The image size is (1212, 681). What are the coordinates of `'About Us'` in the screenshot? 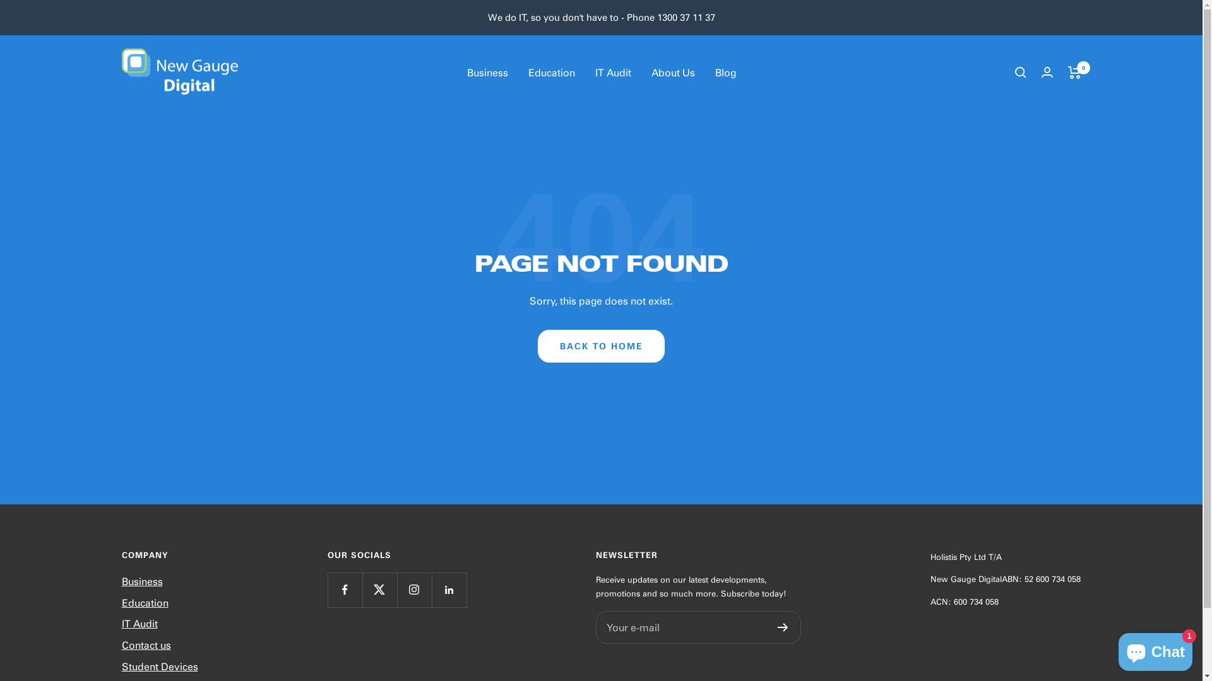 It's located at (651, 73).